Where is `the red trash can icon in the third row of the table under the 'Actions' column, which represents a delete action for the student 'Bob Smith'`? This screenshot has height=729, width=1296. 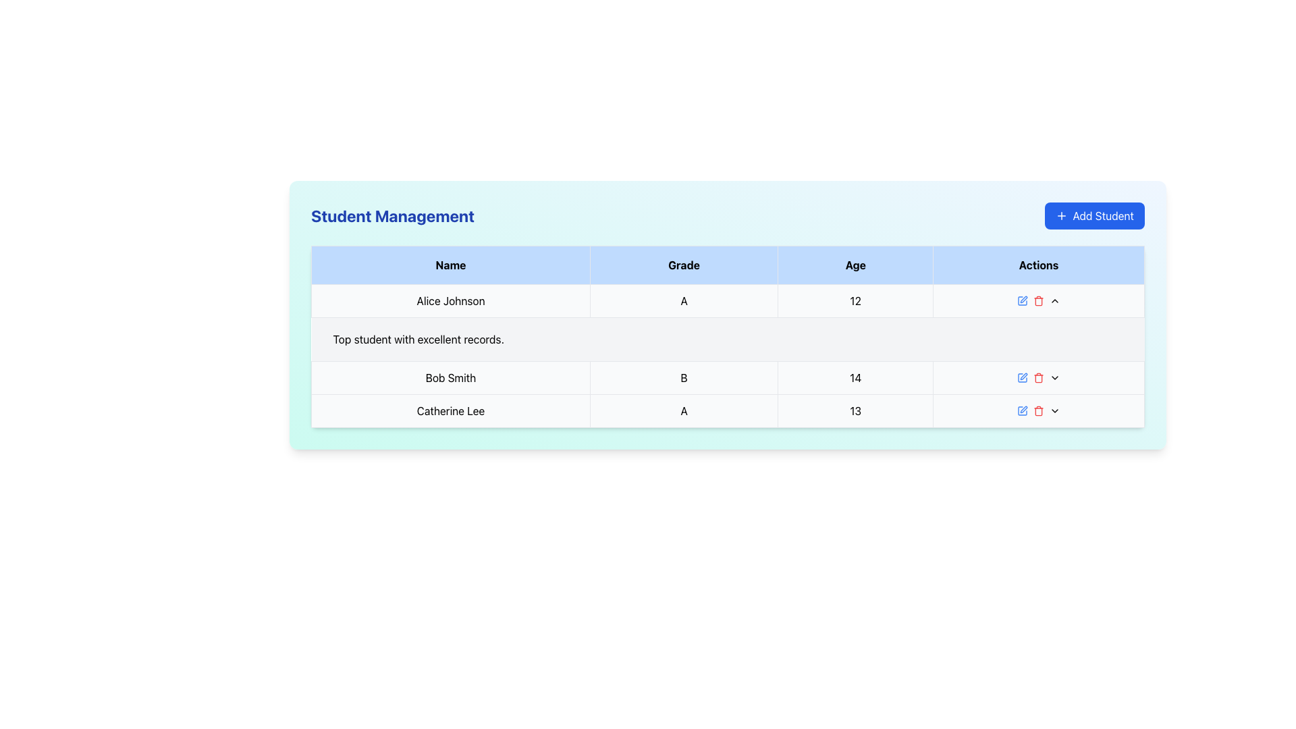
the red trash can icon in the third row of the table under the 'Actions' column, which represents a delete action for the student 'Bob Smith' is located at coordinates (1038, 377).